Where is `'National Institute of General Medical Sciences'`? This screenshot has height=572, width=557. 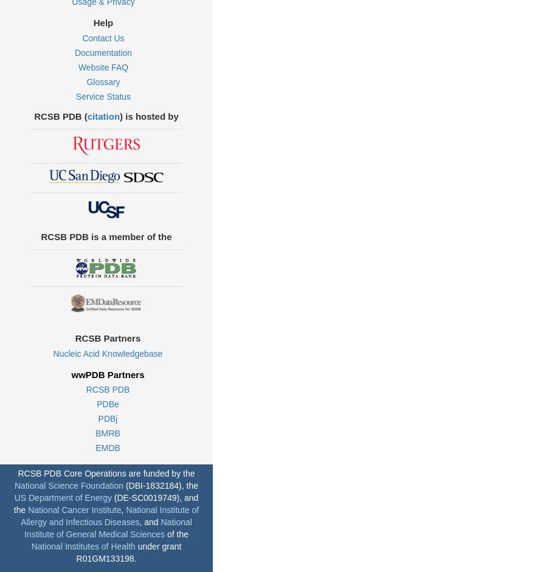 'National Institute of General Medical Sciences' is located at coordinates (106, 527).